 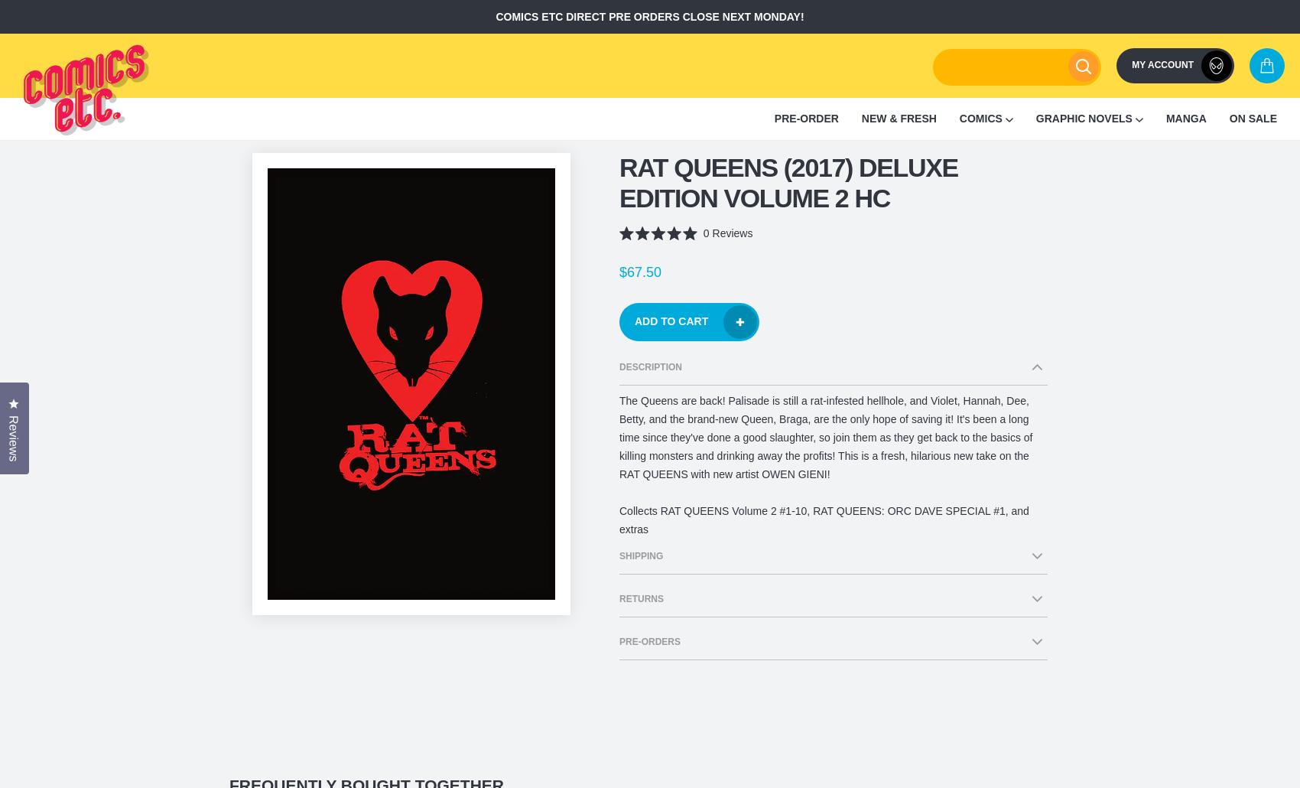 I want to click on 'Add to Cart', so click(x=633, y=321).